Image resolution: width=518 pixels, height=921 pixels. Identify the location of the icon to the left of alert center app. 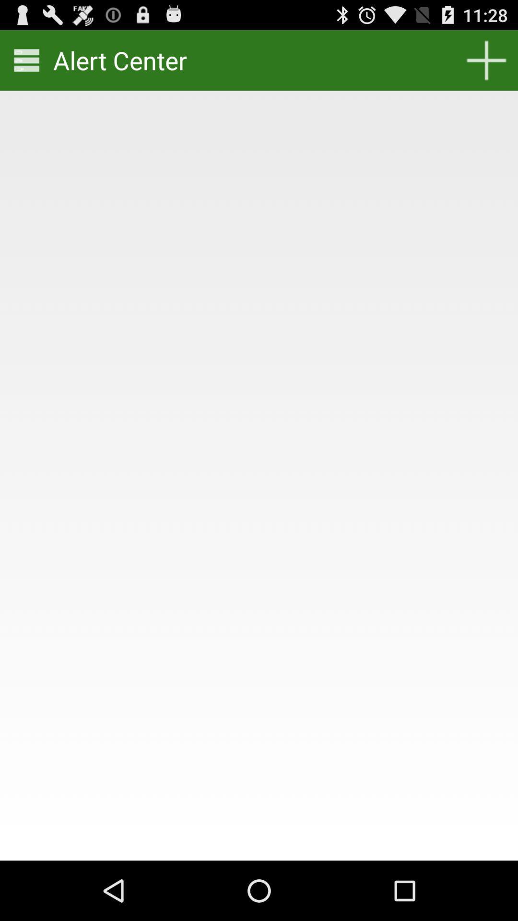
(26, 59).